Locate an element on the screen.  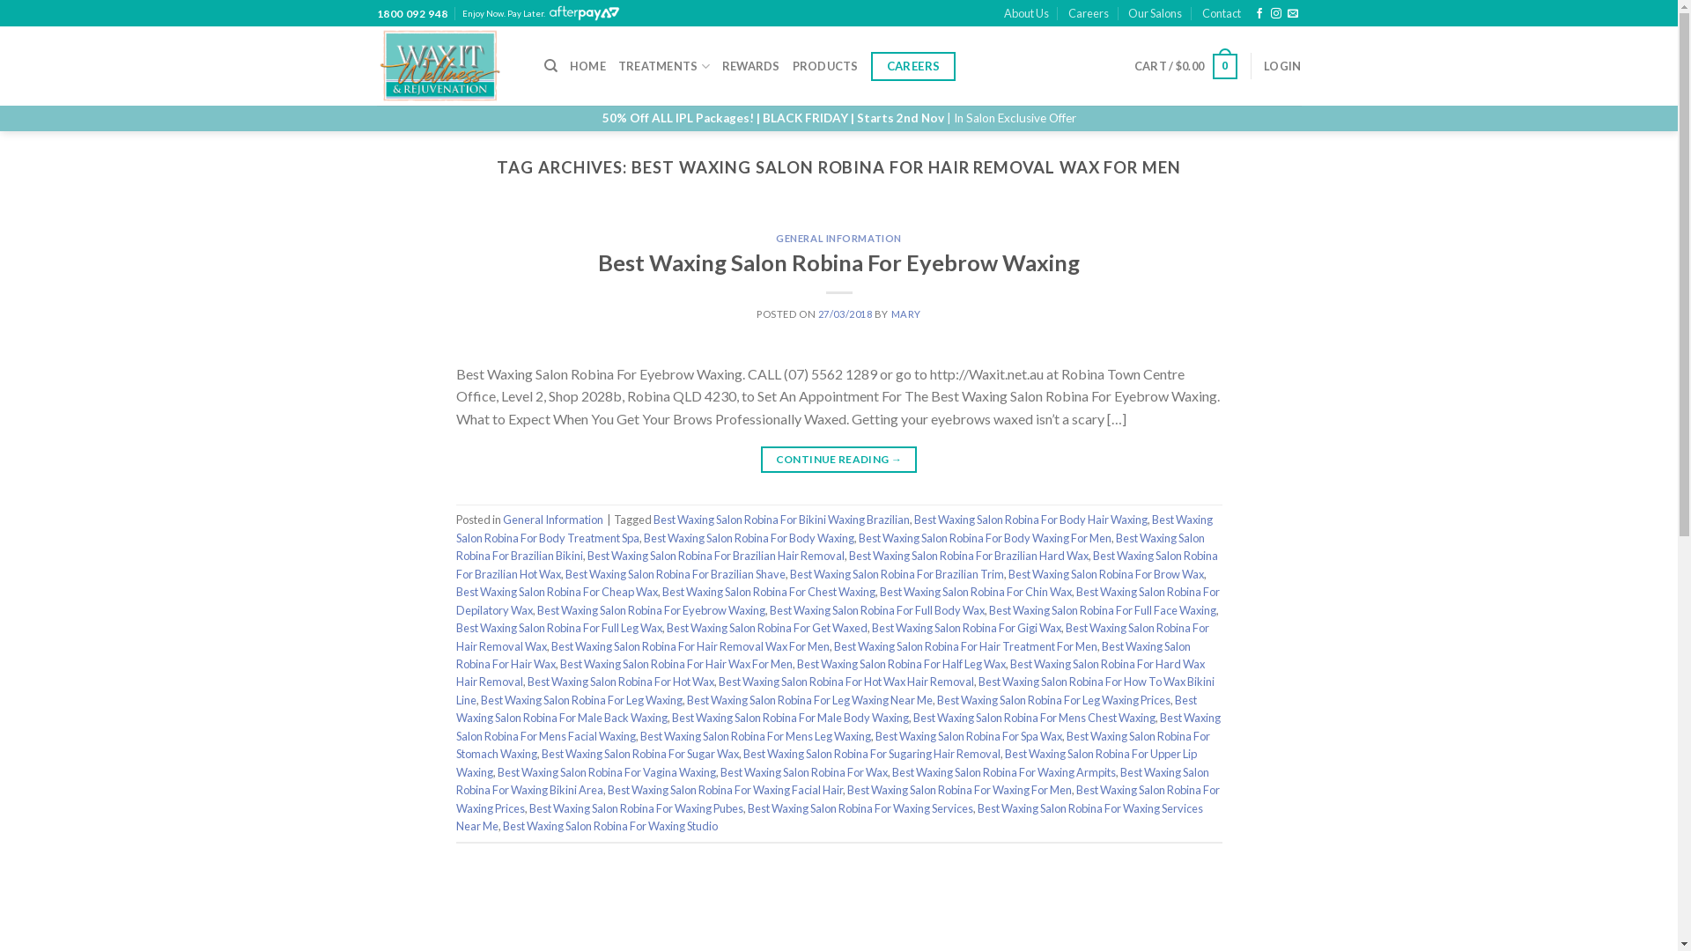
'CAREERS' is located at coordinates (870, 65).